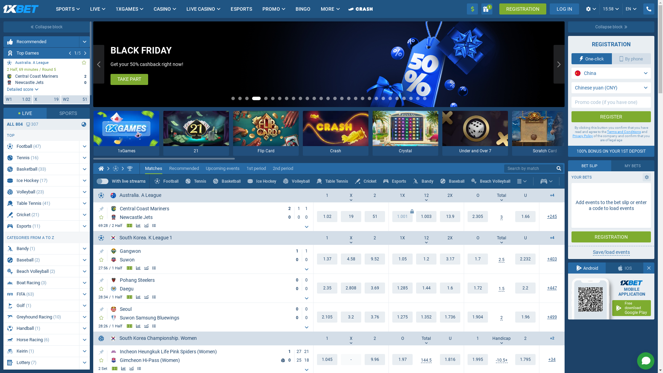 Image resolution: width=663 pixels, height=373 pixels. I want to click on 'REGISTRATION', so click(499, 9).